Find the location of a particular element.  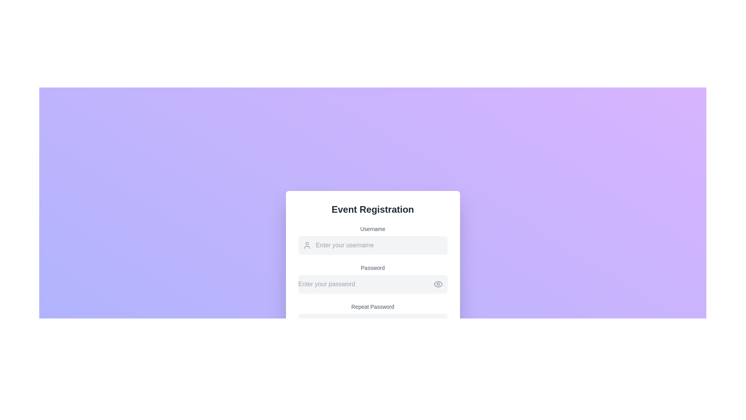

the label that instructs the user to repeat their password, which is positioned directly above the text input box for password confirmation is located at coordinates (372, 306).